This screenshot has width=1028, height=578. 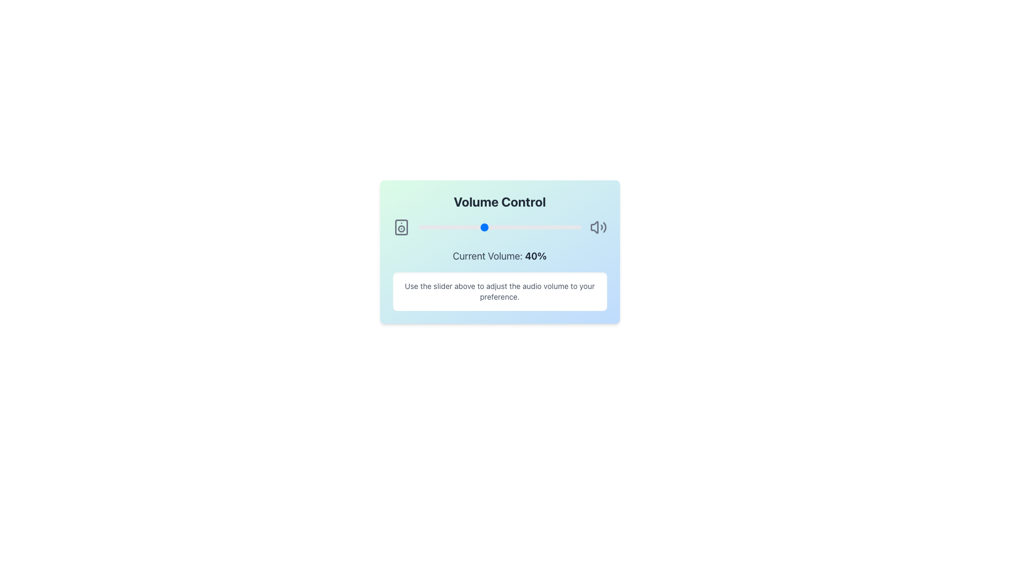 What do you see at coordinates (510, 226) in the screenshot?
I see `the volume level` at bounding box center [510, 226].